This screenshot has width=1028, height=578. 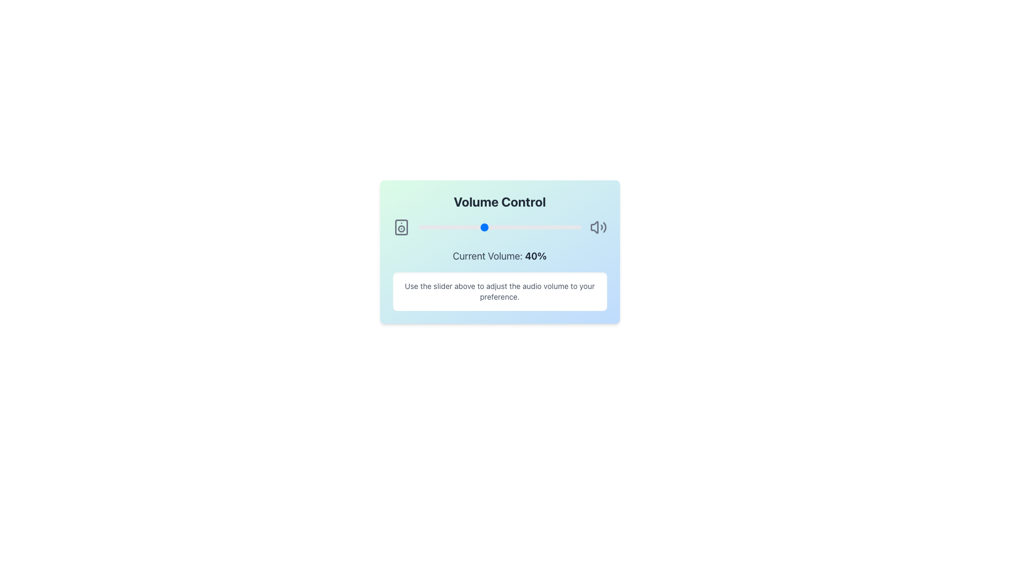 What do you see at coordinates (510, 226) in the screenshot?
I see `the volume level` at bounding box center [510, 226].